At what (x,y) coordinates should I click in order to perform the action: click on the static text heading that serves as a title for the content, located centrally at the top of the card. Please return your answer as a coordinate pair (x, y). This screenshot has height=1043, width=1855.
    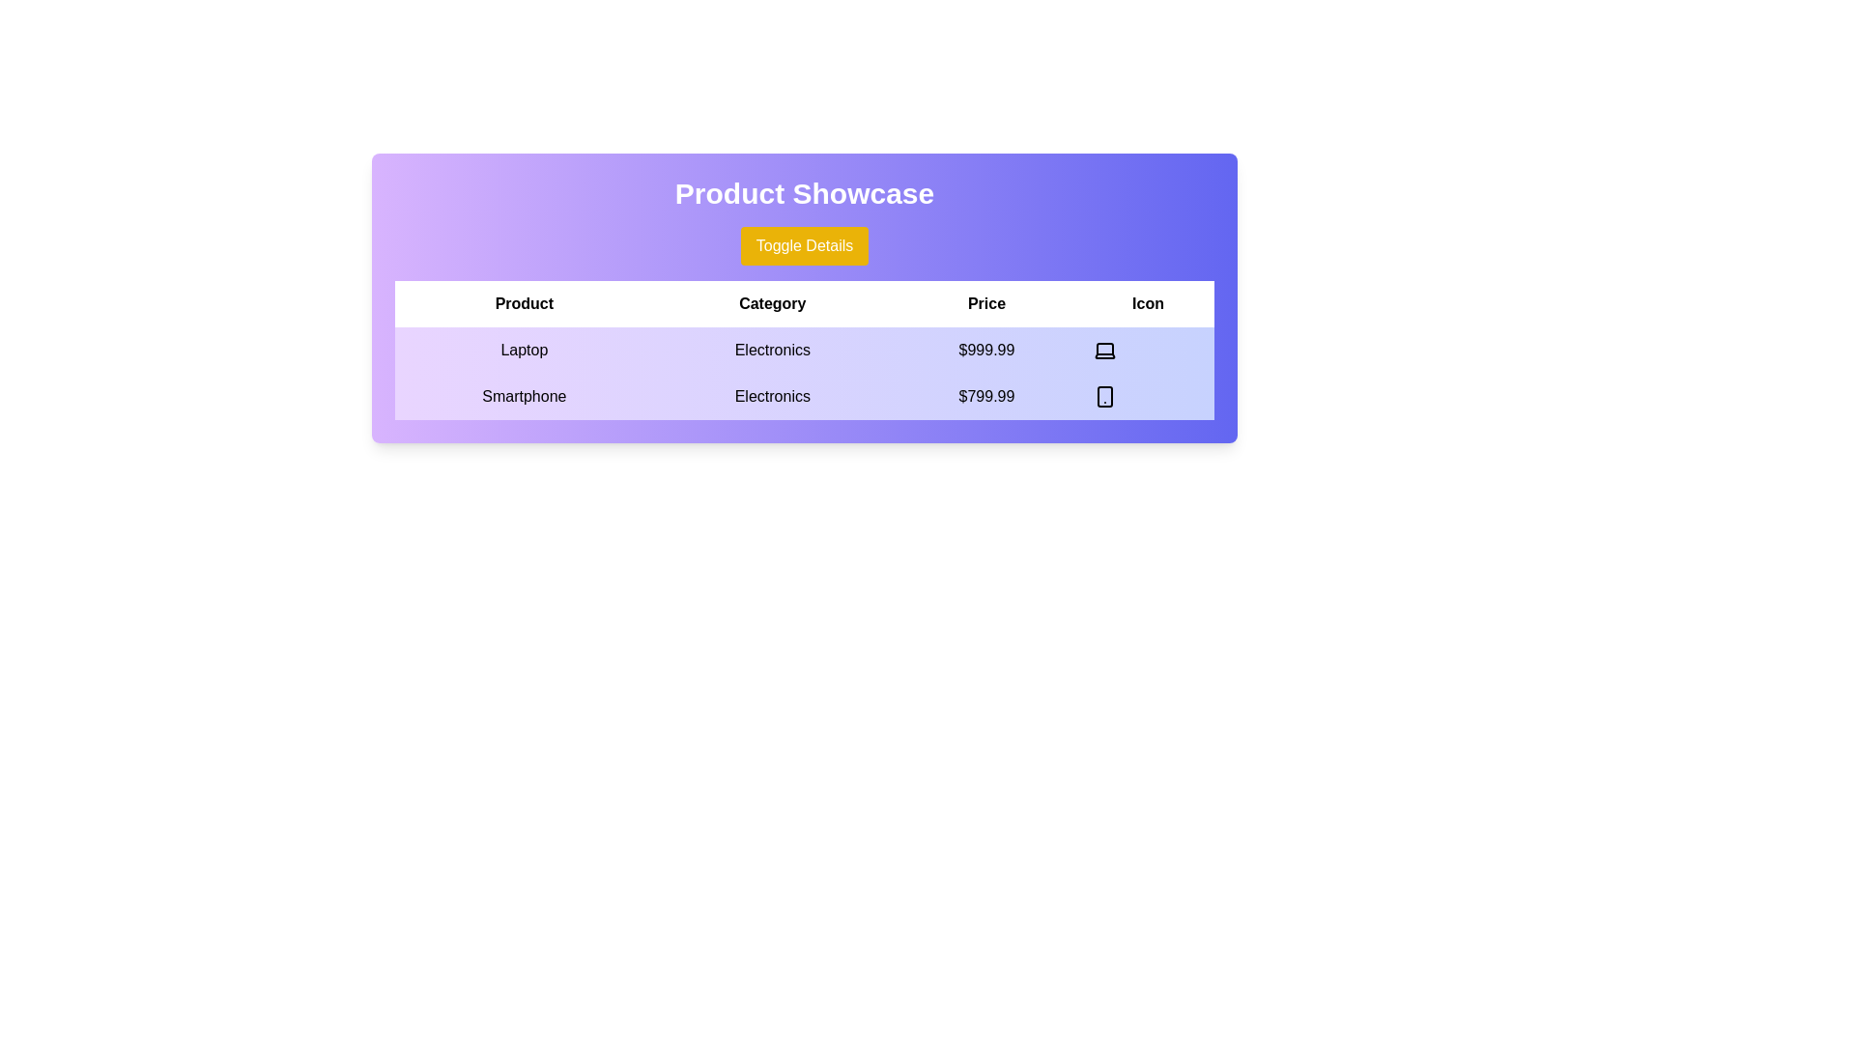
    Looking at the image, I should click on (805, 193).